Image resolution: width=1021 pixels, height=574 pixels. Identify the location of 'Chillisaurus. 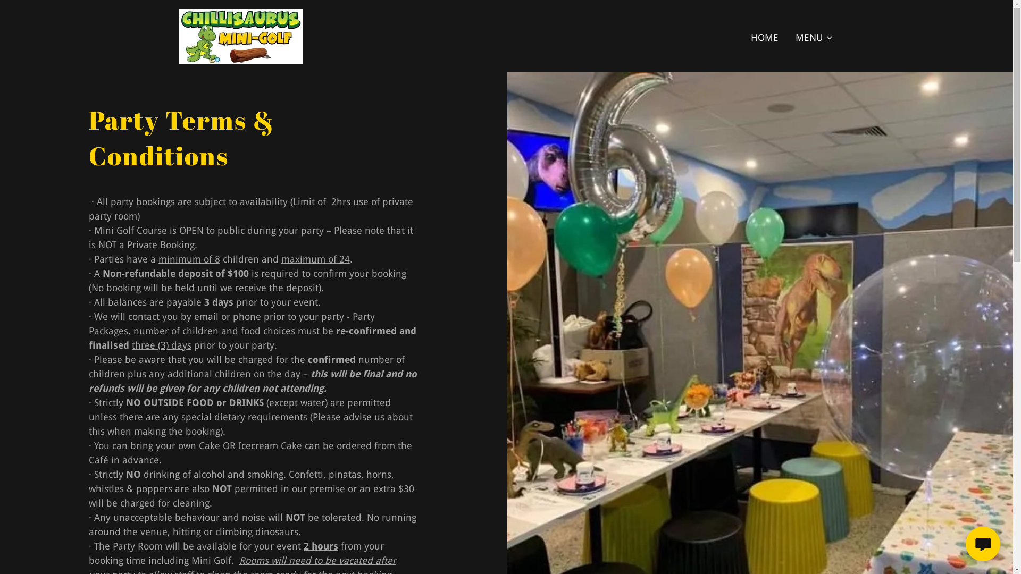
(239, 35).